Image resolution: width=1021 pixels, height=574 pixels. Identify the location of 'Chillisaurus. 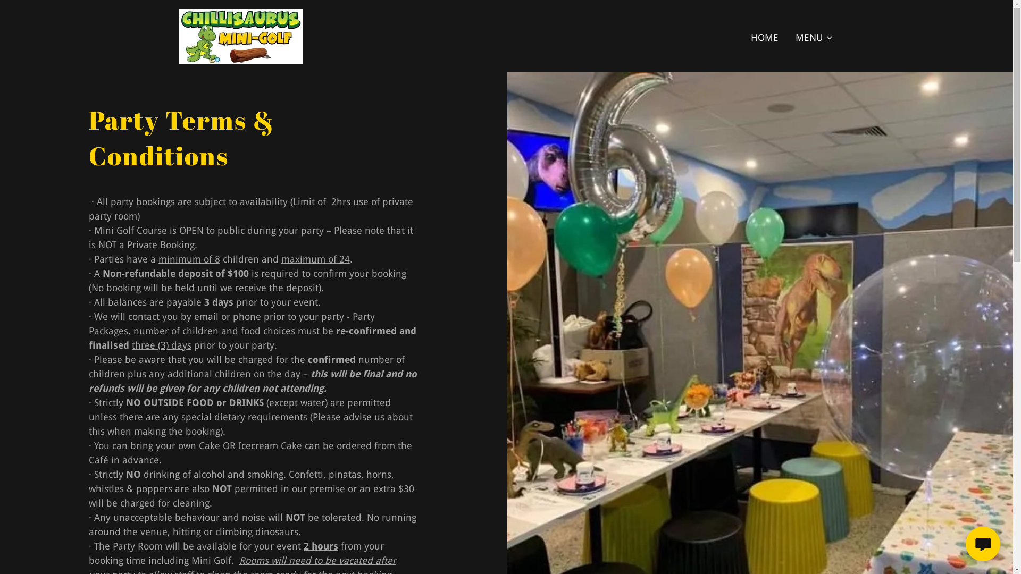
(239, 35).